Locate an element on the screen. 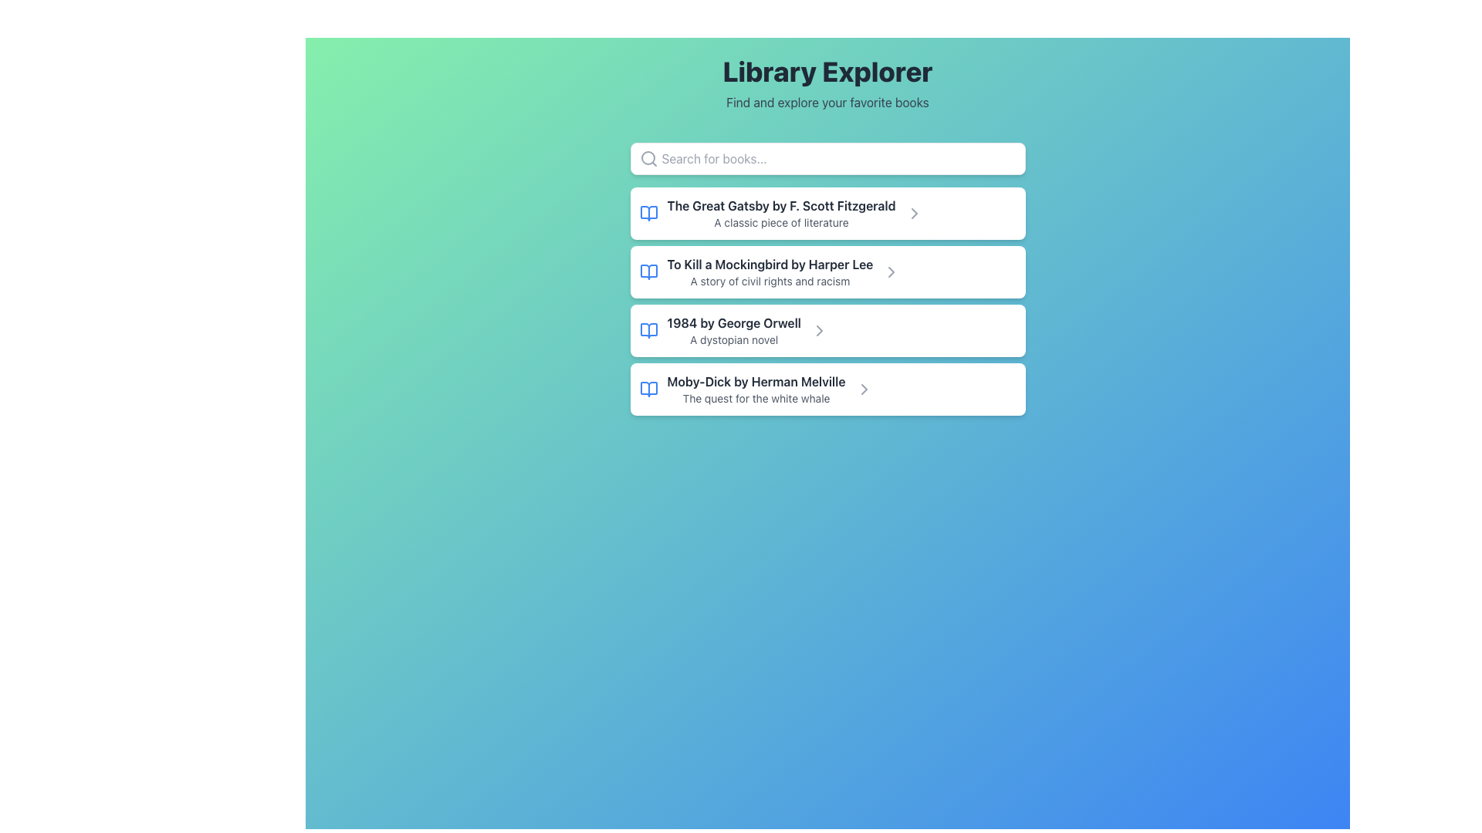 The image size is (1482, 833). the clickable card titled '1984 by George Orwell', which is the third card in the list is located at coordinates (827, 329).